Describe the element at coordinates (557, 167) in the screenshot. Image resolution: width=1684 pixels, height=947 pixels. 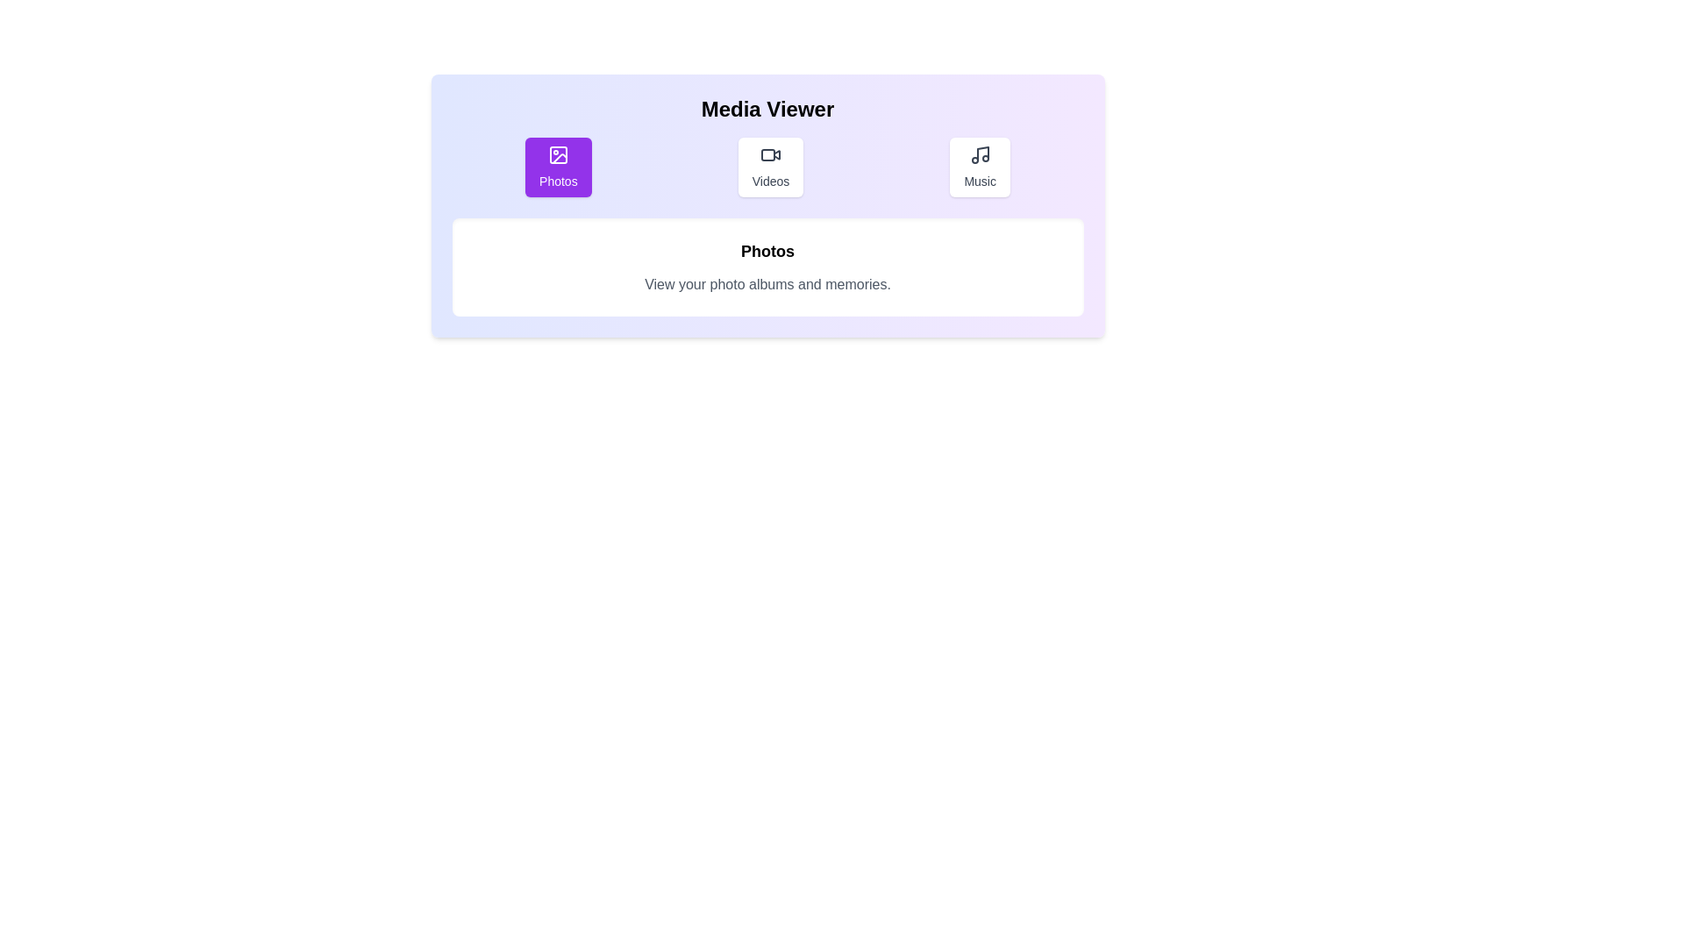
I see `the Photos tab by clicking on its button` at that location.